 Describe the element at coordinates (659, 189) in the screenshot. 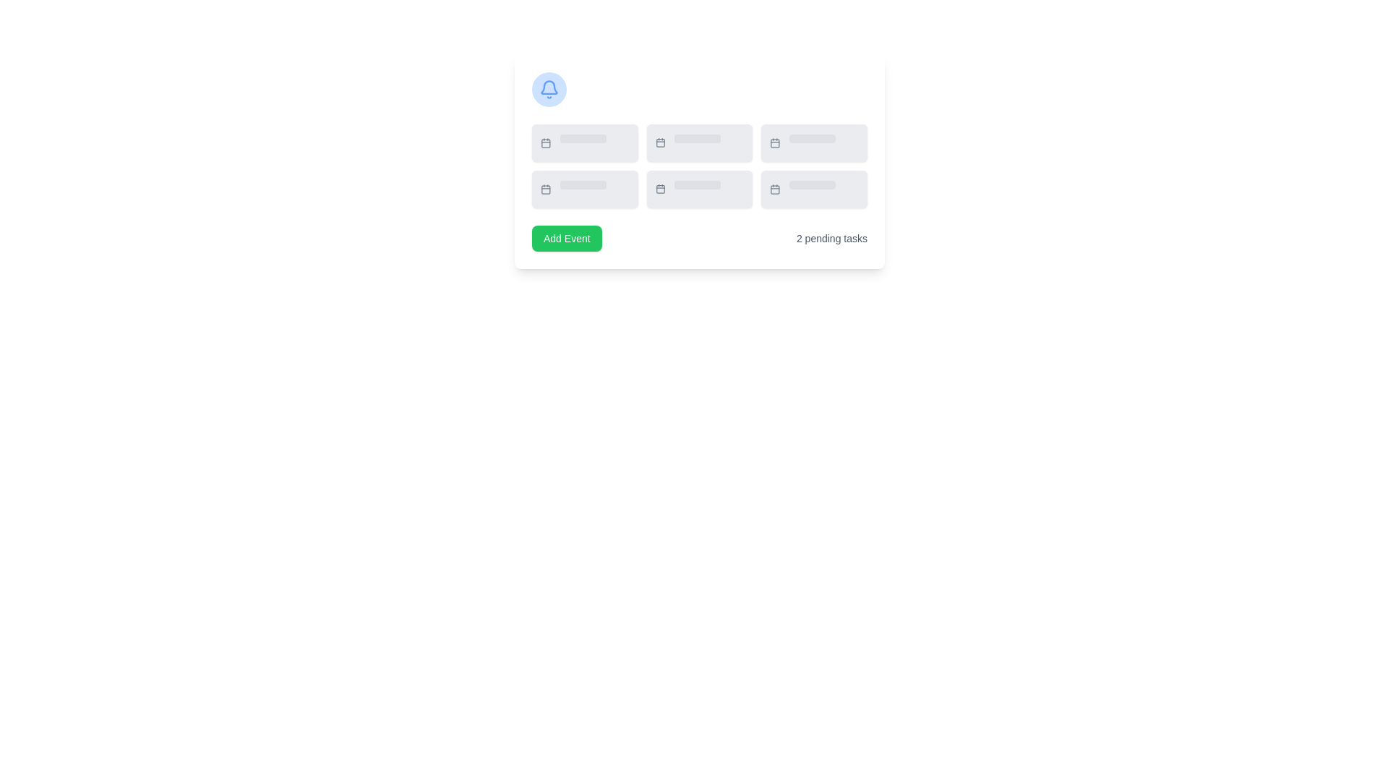

I see `the calendar SVG icon located in the second column of the lower row within a rounded rectangle card` at that location.